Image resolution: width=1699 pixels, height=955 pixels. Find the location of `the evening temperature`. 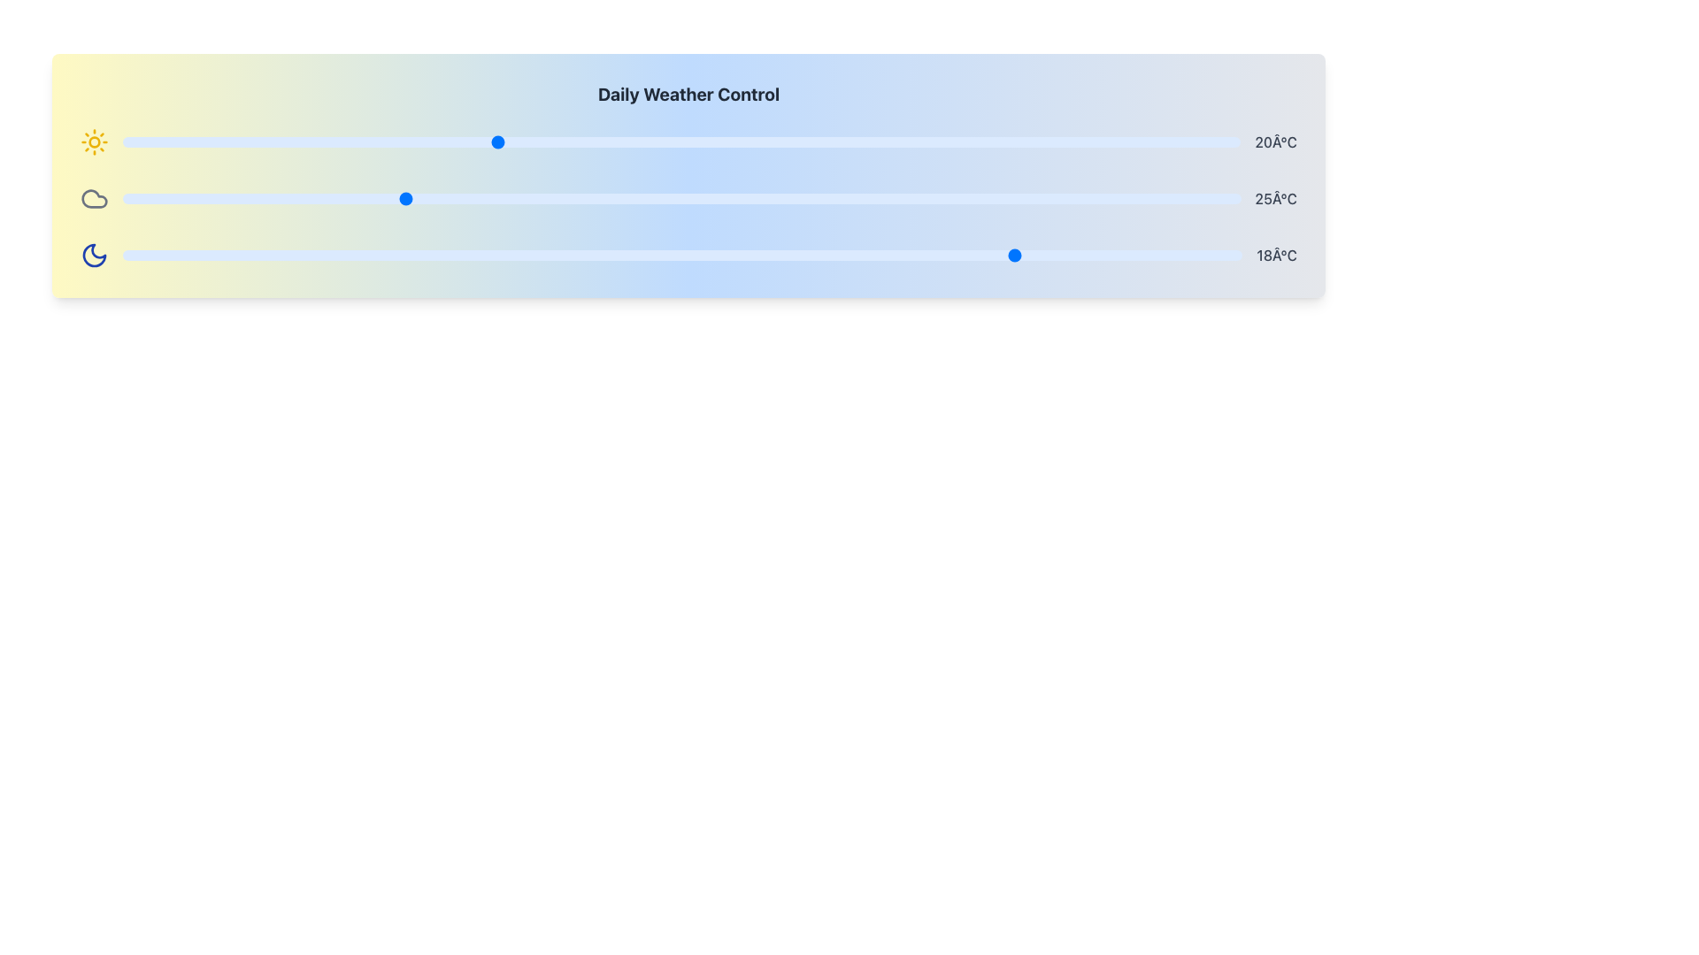

the evening temperature is located at coordinates (458, 256).